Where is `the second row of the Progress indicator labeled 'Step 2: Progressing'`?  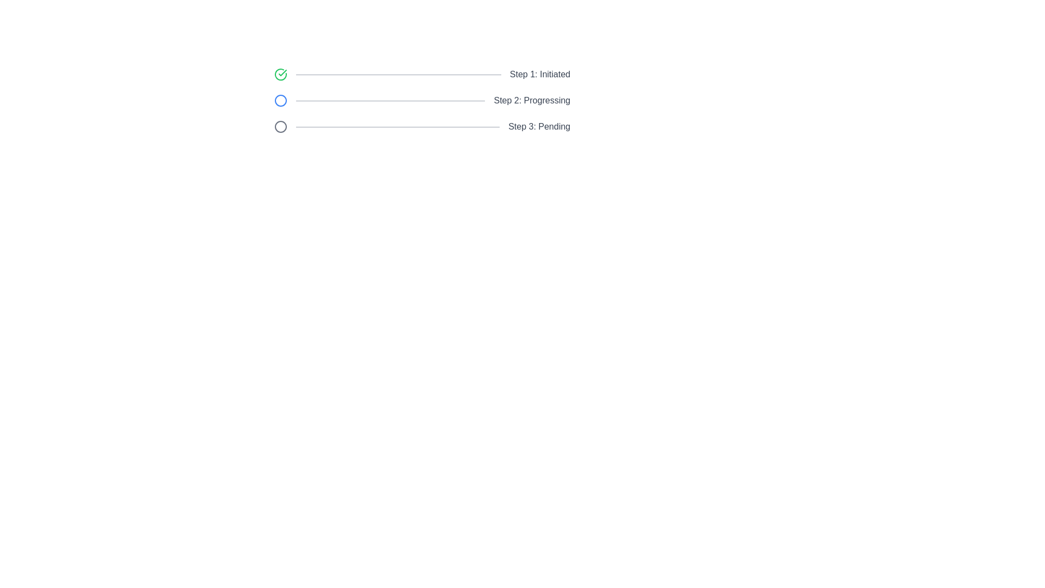 the second row of the Progress indicator labeled 'Step 2: Progressing' is located at coordinates (422, 101).